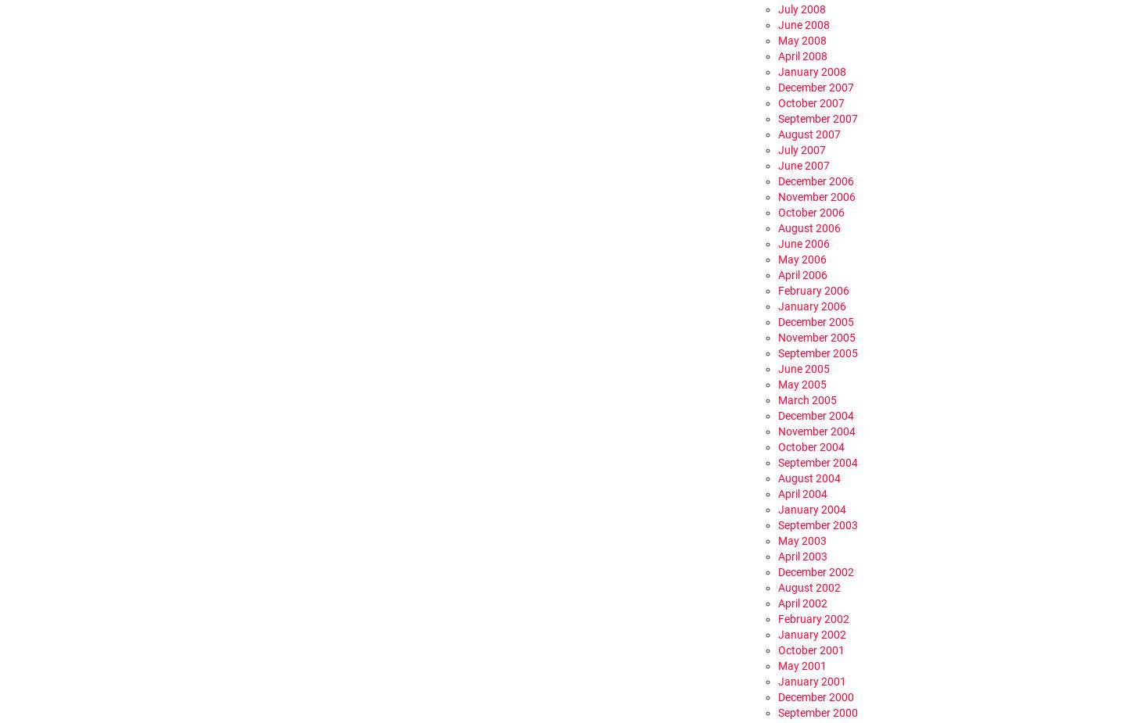  I want to click on 'April 2008', so click(802, 55).